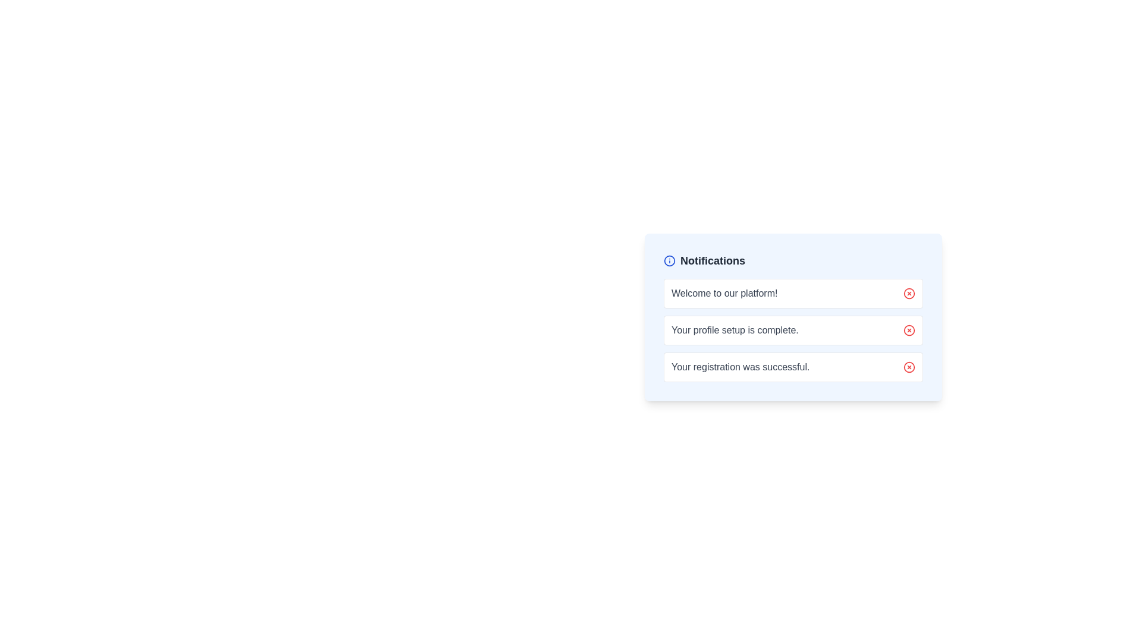 This screenshot has width=1142, height=642. I want to click on the notification message indicating successful registration by reading the content displayed in the light blue notification box, which is the third notification in the stack, so click(793, 366).